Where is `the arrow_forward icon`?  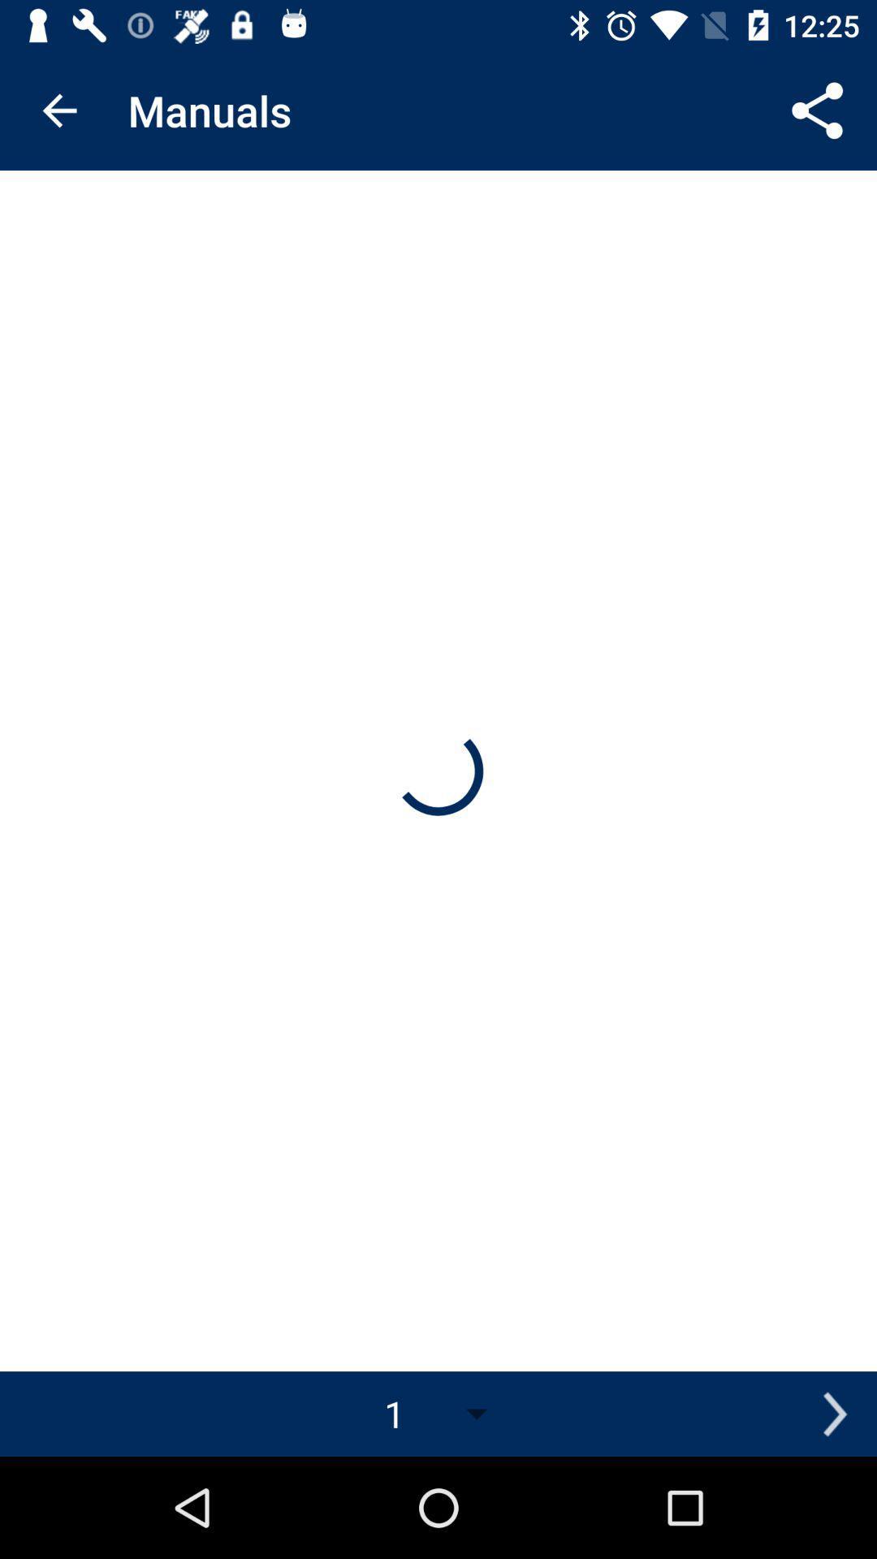 the arrow_forward icon is located at coordinates (834, 1413).